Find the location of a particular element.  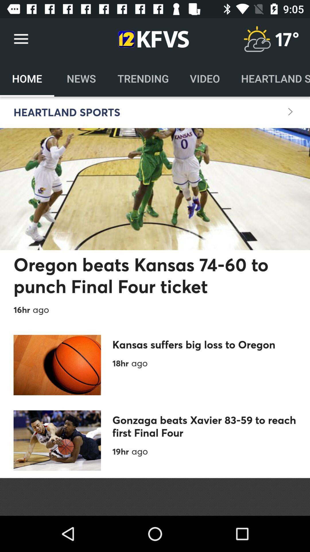

show weather is located at coordinates (257, 39).